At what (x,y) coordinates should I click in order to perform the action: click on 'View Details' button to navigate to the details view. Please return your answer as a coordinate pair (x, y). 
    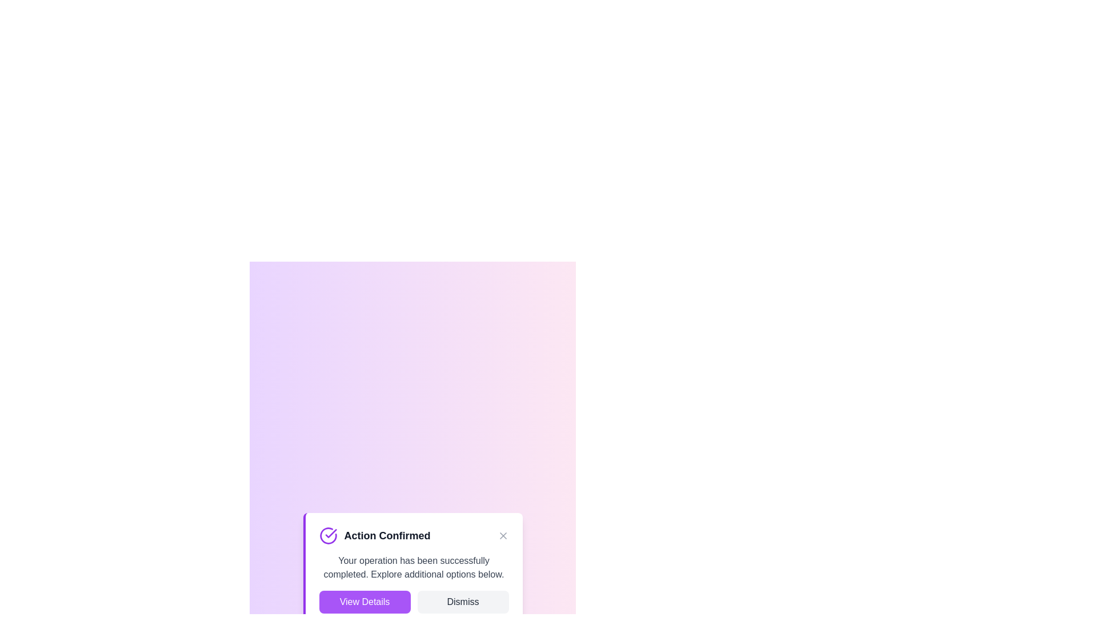
    Looking at the image, I should click on (364, 601).